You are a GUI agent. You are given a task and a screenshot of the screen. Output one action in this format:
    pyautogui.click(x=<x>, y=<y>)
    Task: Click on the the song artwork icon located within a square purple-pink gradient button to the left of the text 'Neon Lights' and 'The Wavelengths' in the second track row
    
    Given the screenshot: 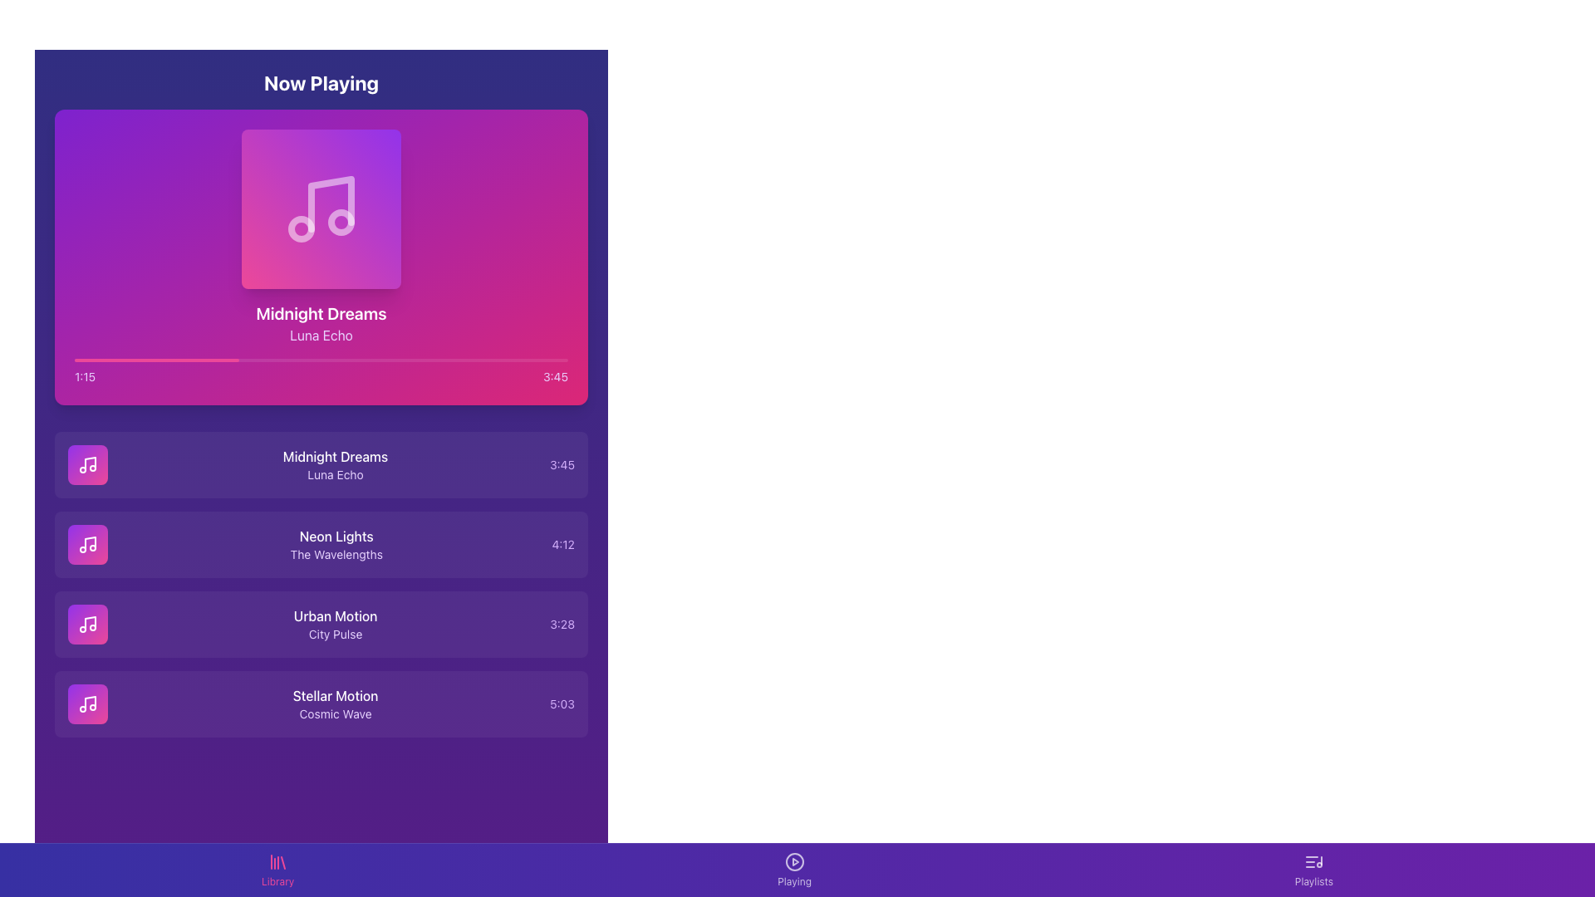 What is the action you would take?
    pyautogui.click(x=86, y=544)
    